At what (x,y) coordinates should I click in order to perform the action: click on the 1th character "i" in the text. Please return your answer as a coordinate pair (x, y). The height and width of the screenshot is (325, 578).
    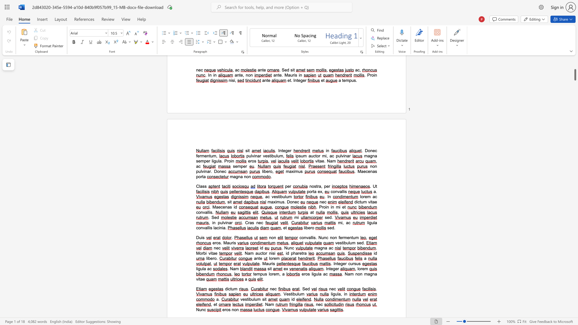
    Looking at the image, I should click on (234, 207).